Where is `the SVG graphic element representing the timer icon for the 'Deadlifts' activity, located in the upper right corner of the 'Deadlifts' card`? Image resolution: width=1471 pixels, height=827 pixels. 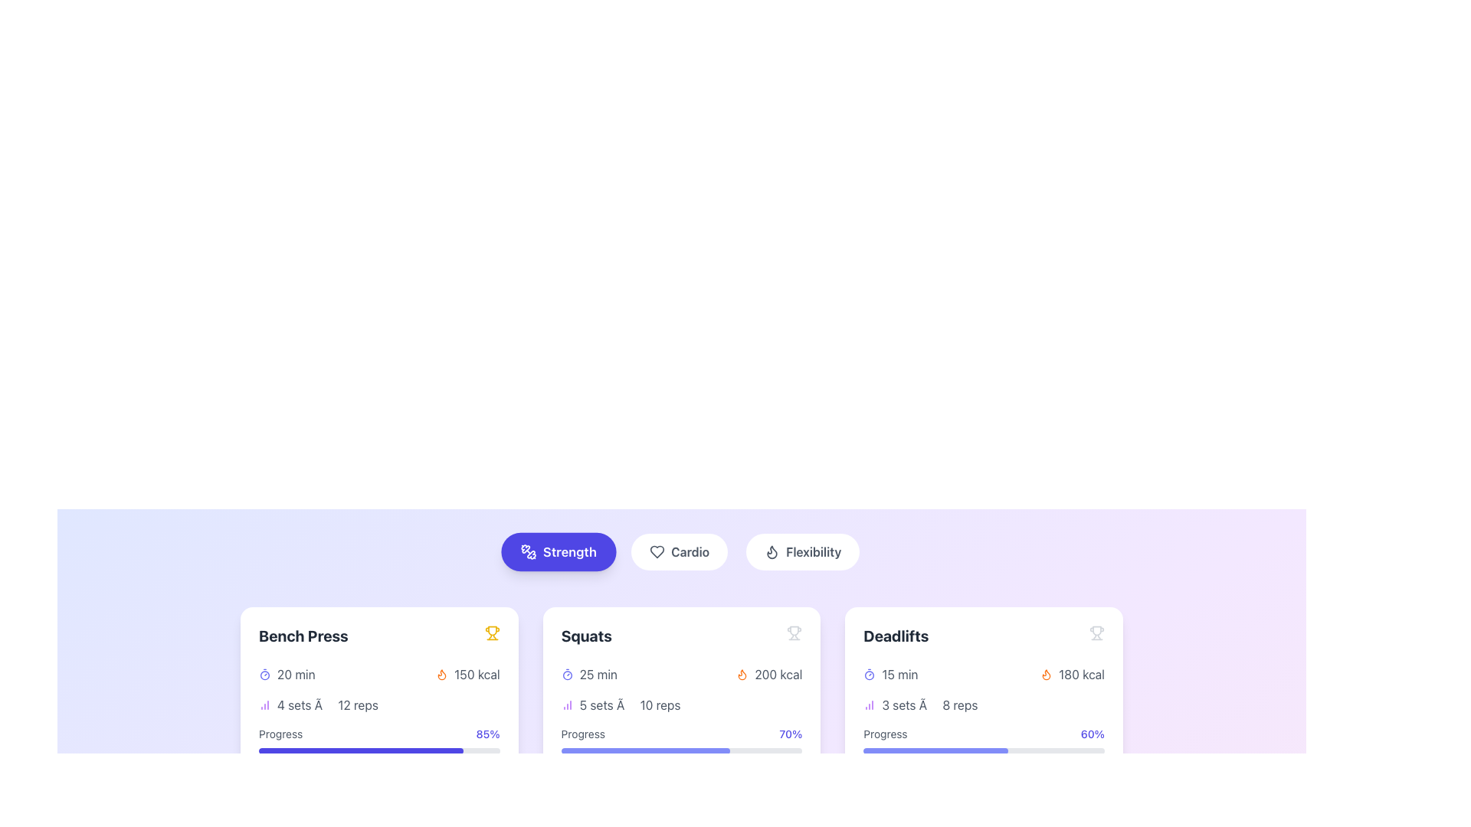 the SVG graphic element representing the timer icon for the 'Deadlifts' activity, located in the upper right corner of the 'Deadlifts' card is located at coordinates (870, 675).